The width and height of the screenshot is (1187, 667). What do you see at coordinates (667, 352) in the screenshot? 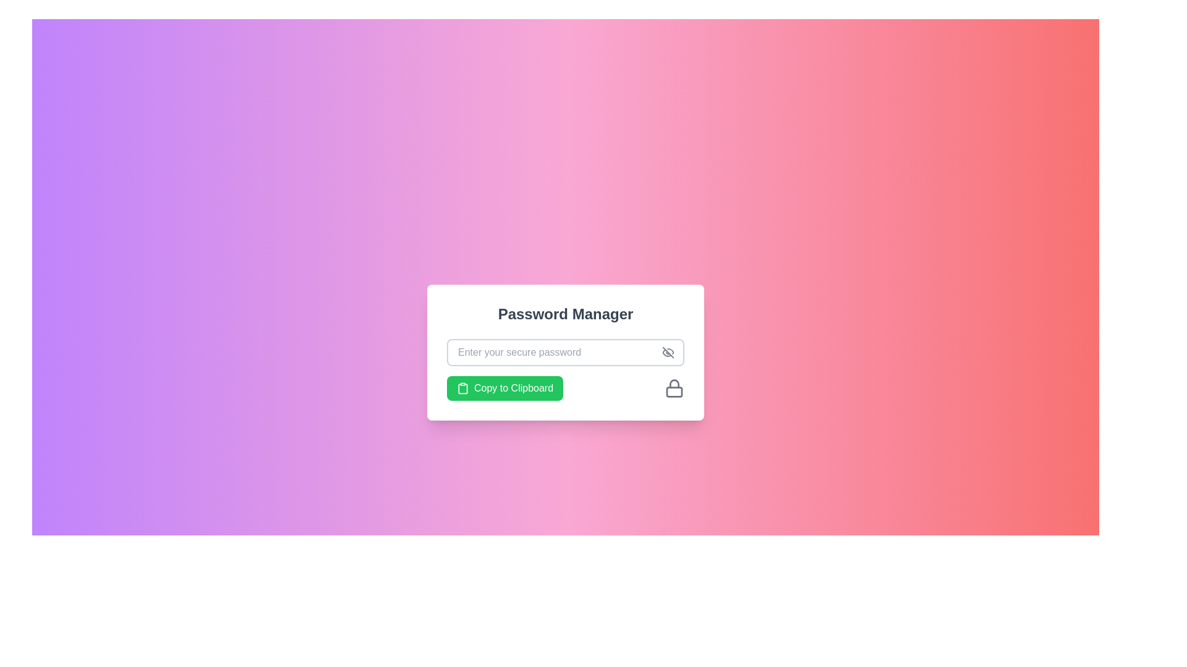
I see `the eye icon button for password visibility toggle, which is styled in grey and changes color when hovered over` at bounding box center [667, 352].